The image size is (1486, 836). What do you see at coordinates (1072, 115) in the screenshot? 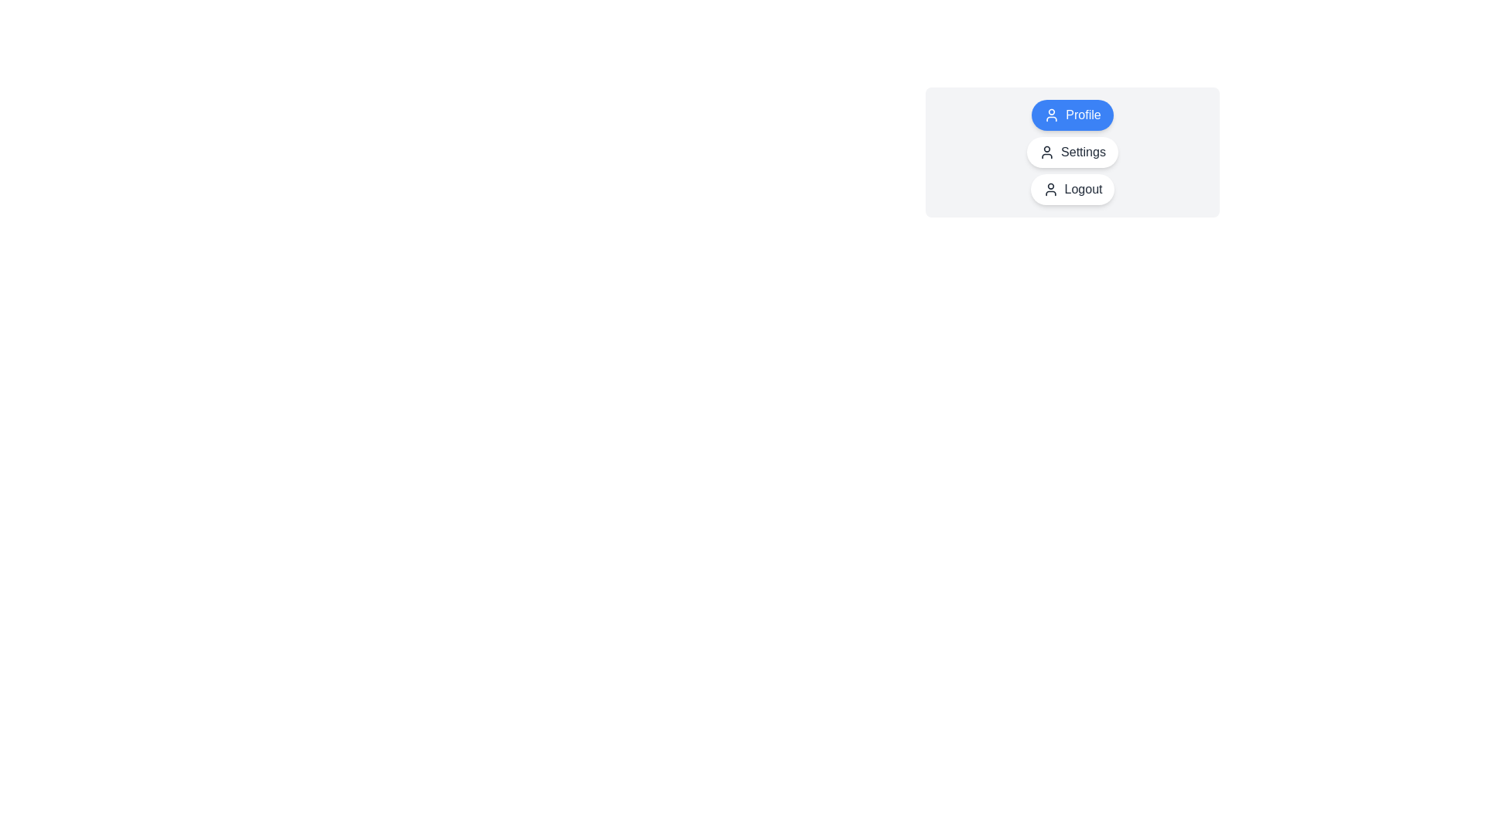
I see `the chip labeled Profile` at bounding box center [1072, 115].